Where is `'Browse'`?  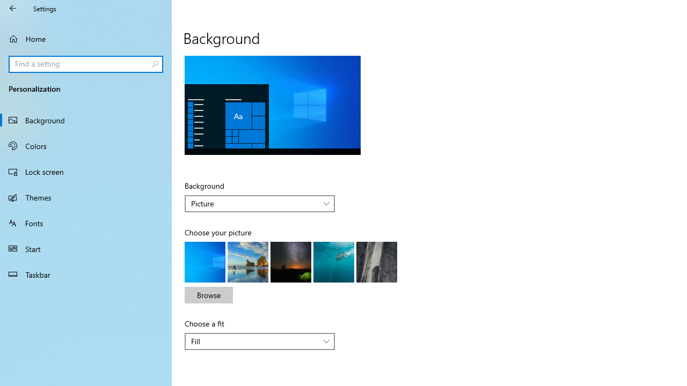
'Browse' is located at coordinates (209, 295).